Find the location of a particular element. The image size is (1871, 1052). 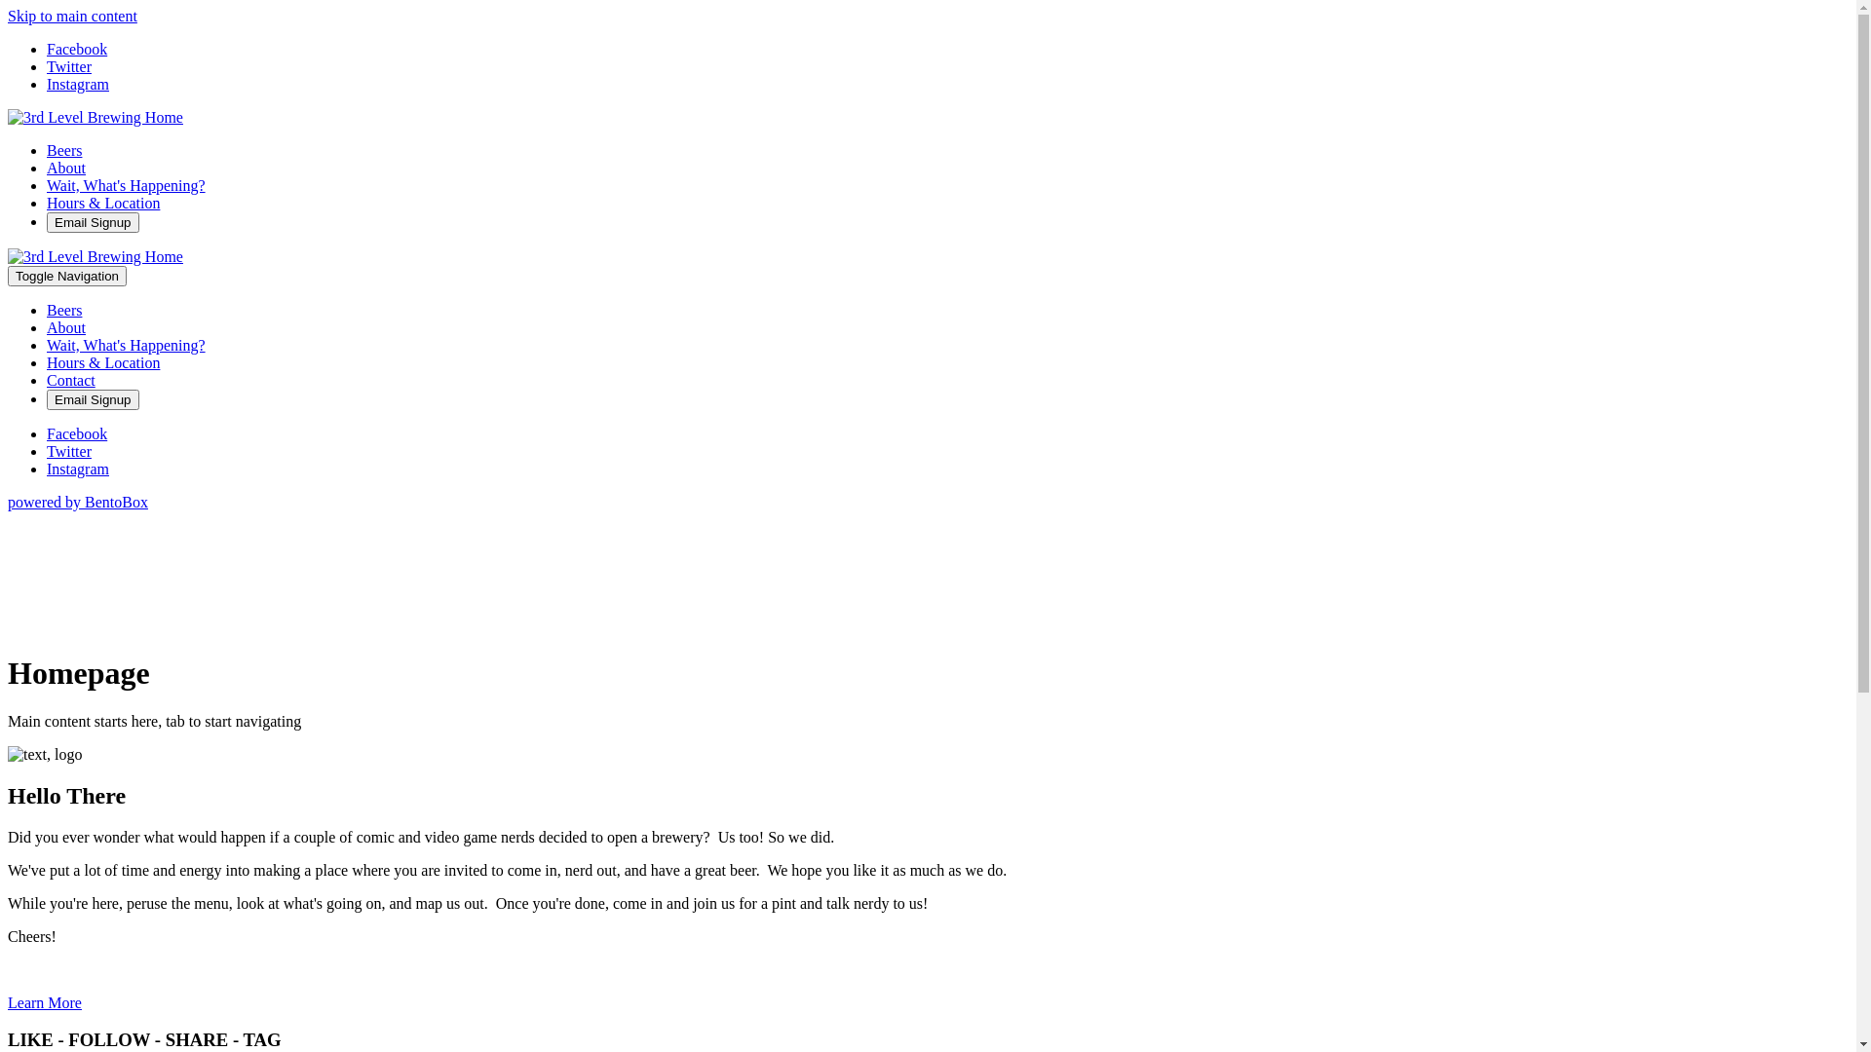

'Facebook' is located at coordinates (76, 432).